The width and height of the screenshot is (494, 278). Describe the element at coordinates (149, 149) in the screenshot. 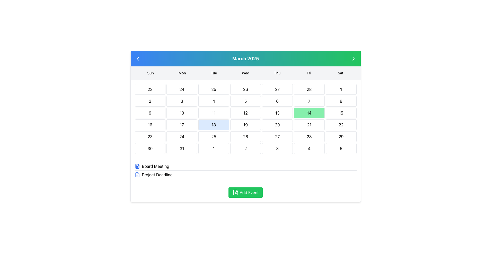

I see `the calendar day item representing March 30th` at that location.